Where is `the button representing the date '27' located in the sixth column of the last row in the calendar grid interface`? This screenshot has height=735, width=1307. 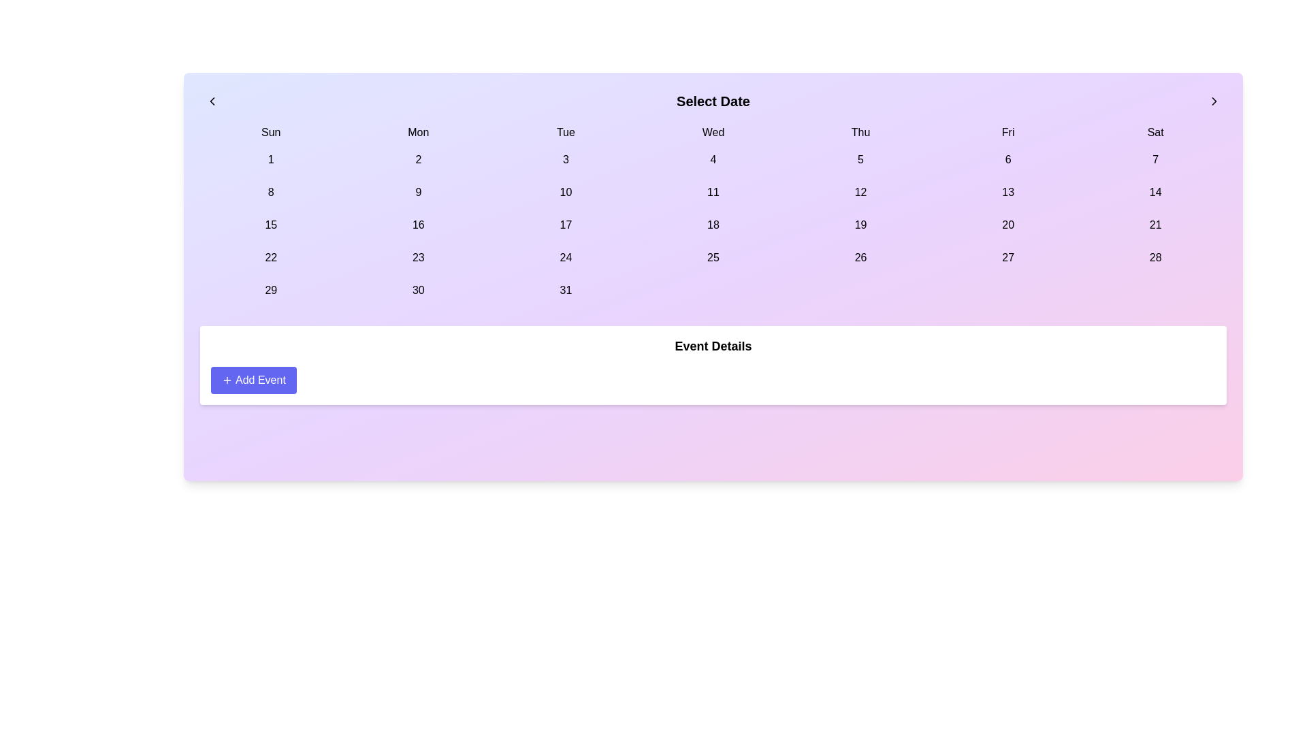 the button representing the date '27' located in the sixth column of the last row in the calendar grid interface is located at coordinates (1008, 257).